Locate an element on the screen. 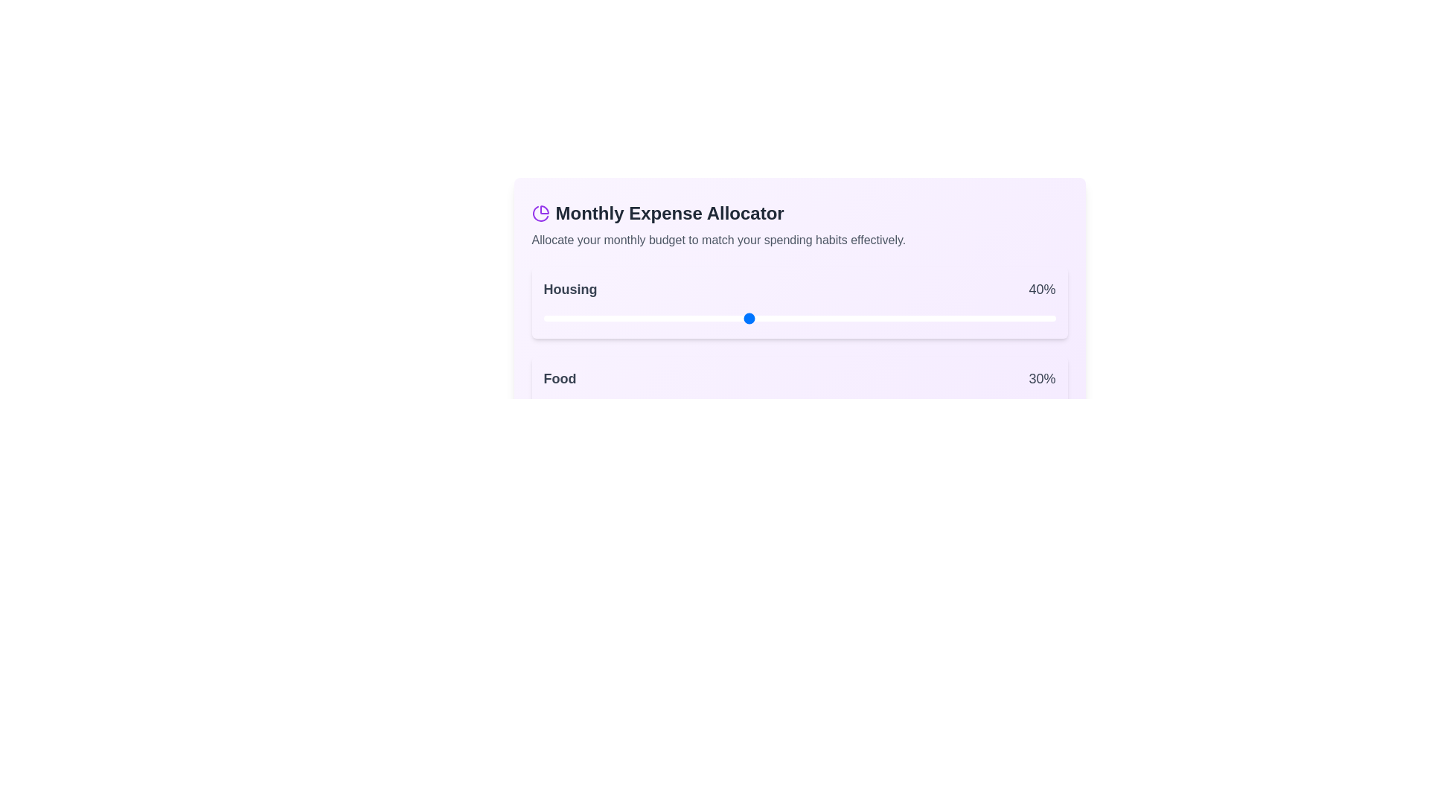  the value of the 'Housing' percentage slider is located at coordinates (963, 318).